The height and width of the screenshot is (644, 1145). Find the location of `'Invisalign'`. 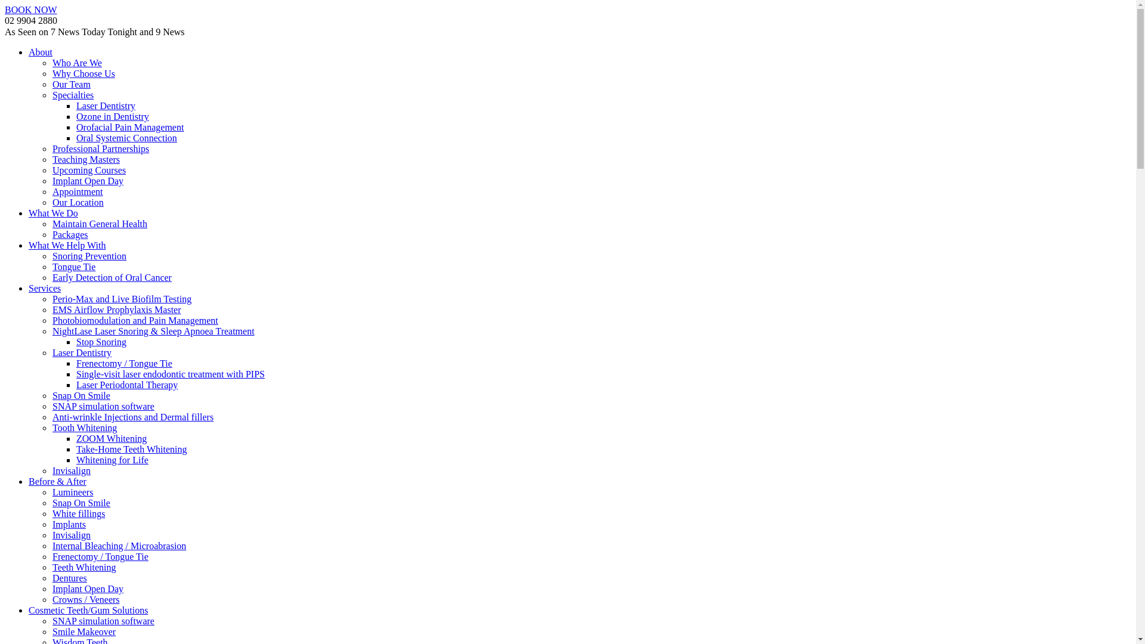

'Invisalign' is located at coordinates (51, 470).